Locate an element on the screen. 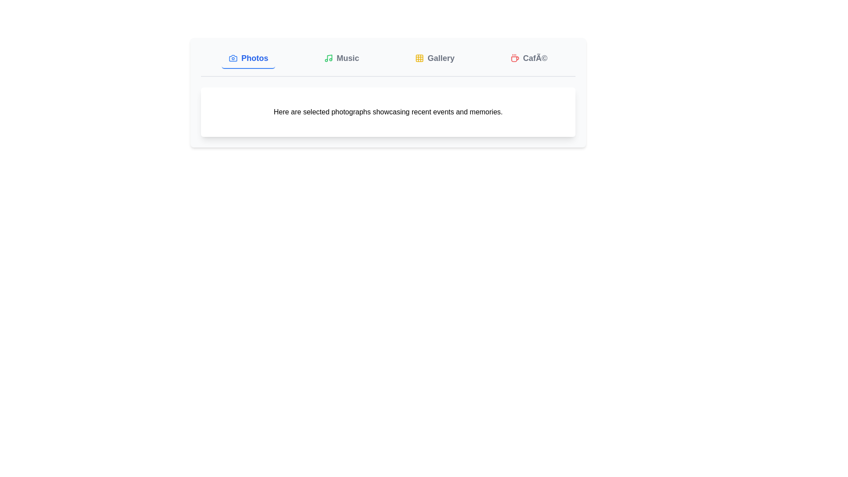 The image size is (848, 477). the second navigation tab that is located between 'Photos' and 'Gallery' is located at coordinates (341, 58).